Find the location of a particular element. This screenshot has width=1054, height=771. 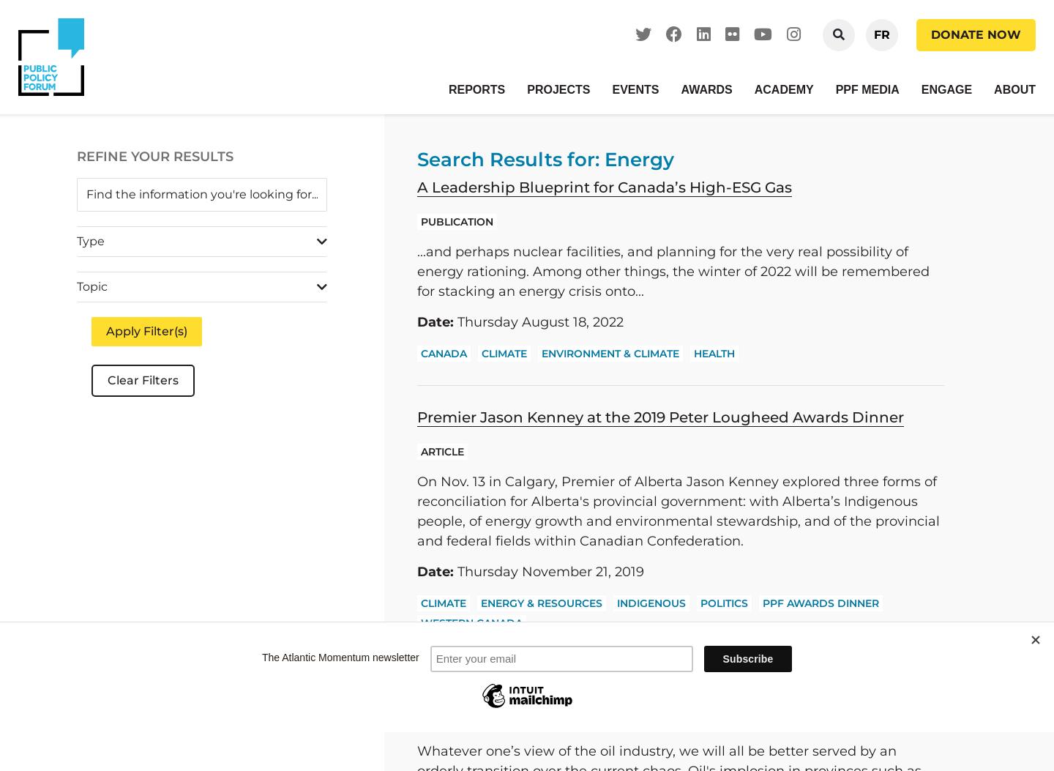

'Projects' is located at coordinates (558, 89).